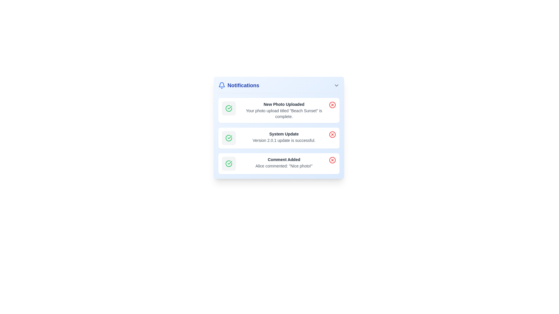 The height and width of the screenshot is (314, 559). What do you see at coordinates (229, 137) in the screenshot?
I see `the Check mark icon that signifies a completed system update notification, located centrally within the green circular icon of the second notification item` at bounding box center [229, 137].